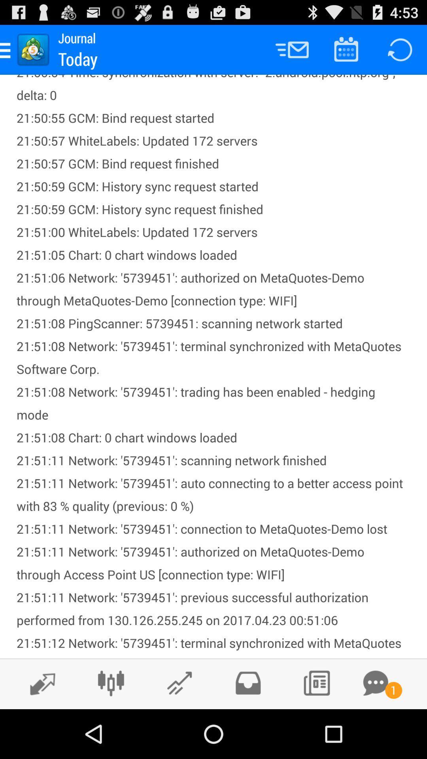  I want to click on open inbox, so click(248, 683).